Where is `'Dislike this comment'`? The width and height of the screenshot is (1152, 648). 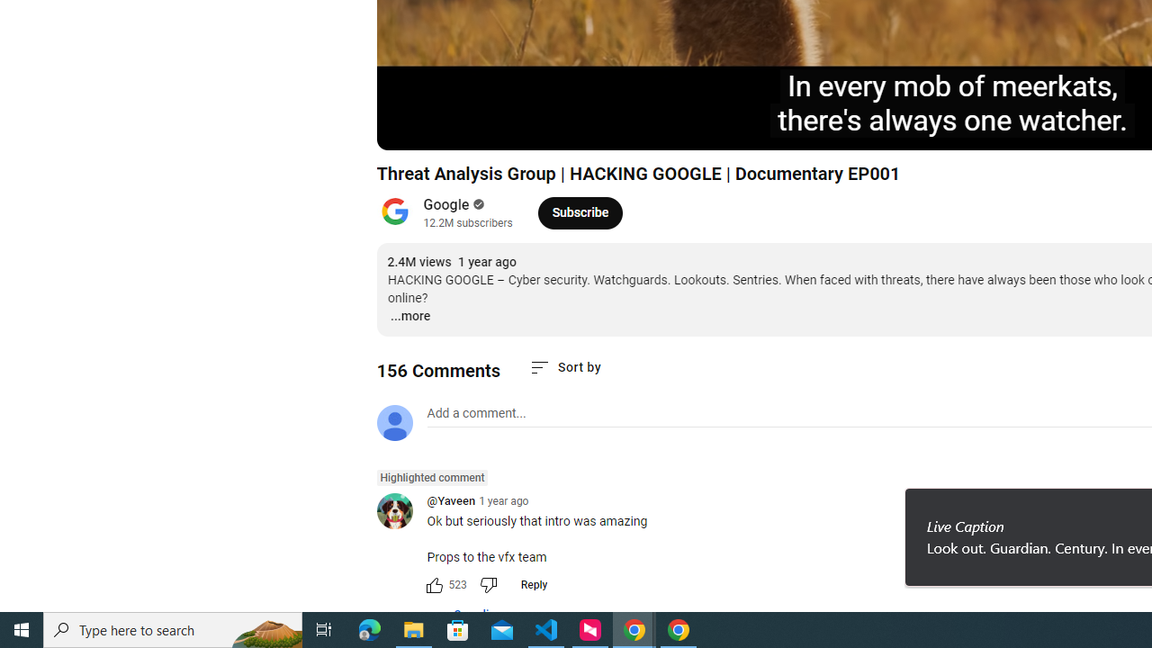 'Dislike this comment' is located at coordinates (488, 585).